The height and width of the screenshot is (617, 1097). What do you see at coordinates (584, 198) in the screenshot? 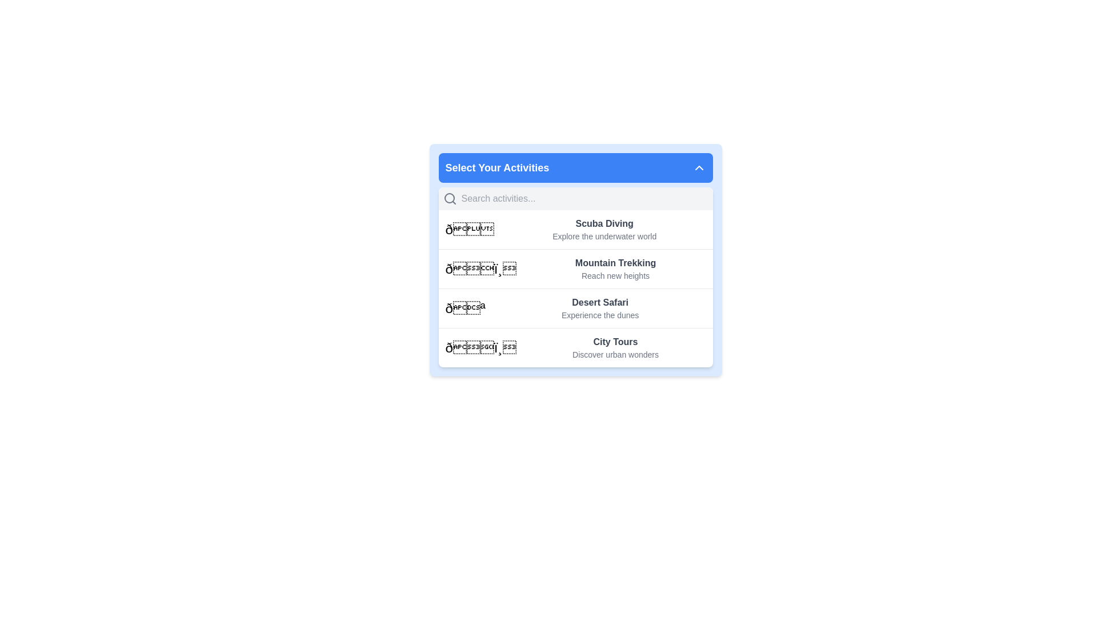
I see `the search input field located in the 'Select Your Activities' section to focus for typing a query` at bounding box center [584, 198].